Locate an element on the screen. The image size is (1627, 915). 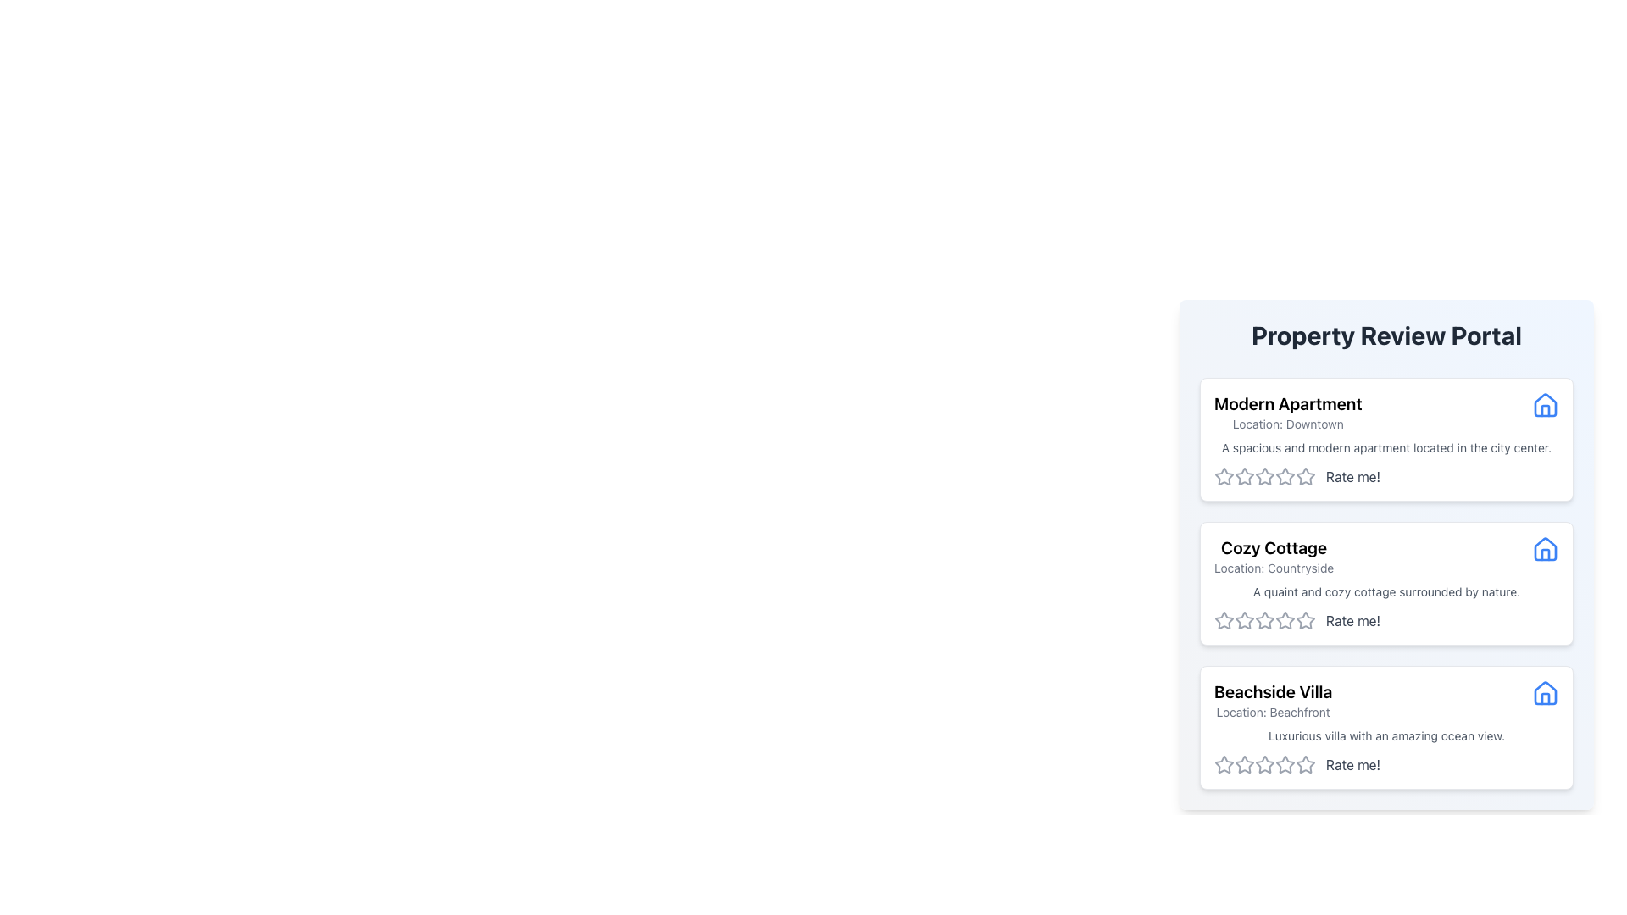
the third star icon in the rating row of the Beachside Villa card to assign a rating is located at coordinates (1304, 764).